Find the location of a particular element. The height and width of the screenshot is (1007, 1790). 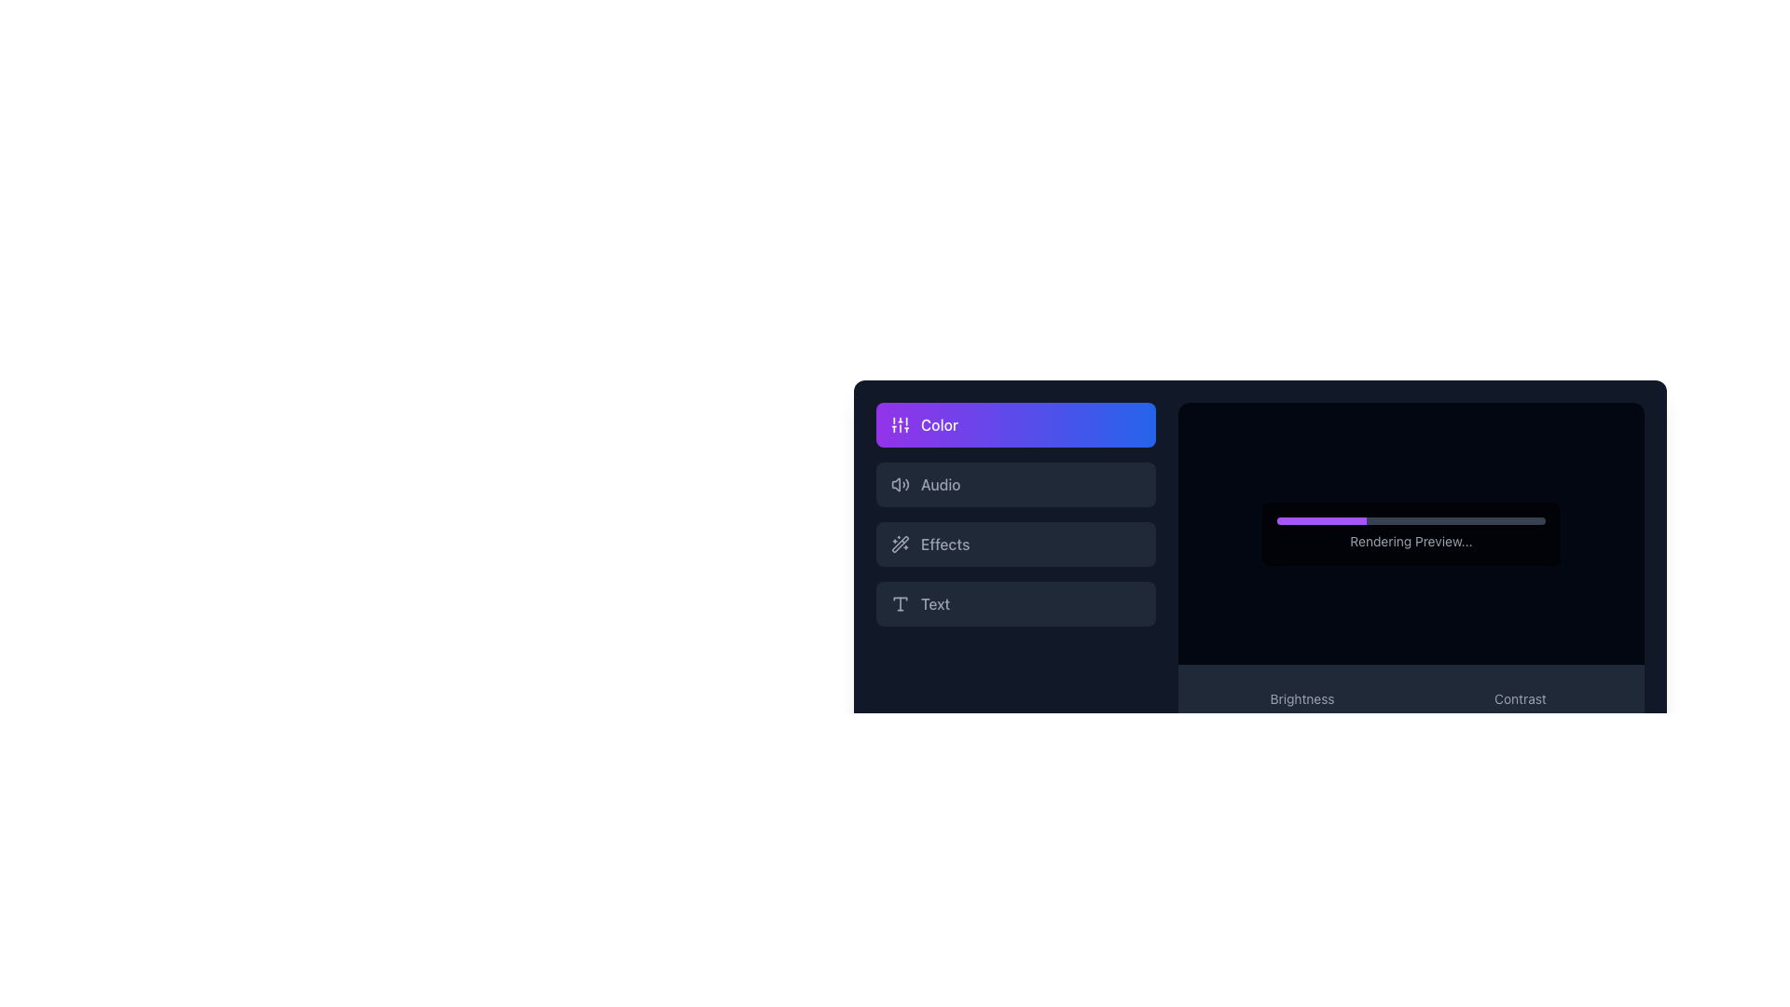

brightness is located at coordinates (1301, 723).